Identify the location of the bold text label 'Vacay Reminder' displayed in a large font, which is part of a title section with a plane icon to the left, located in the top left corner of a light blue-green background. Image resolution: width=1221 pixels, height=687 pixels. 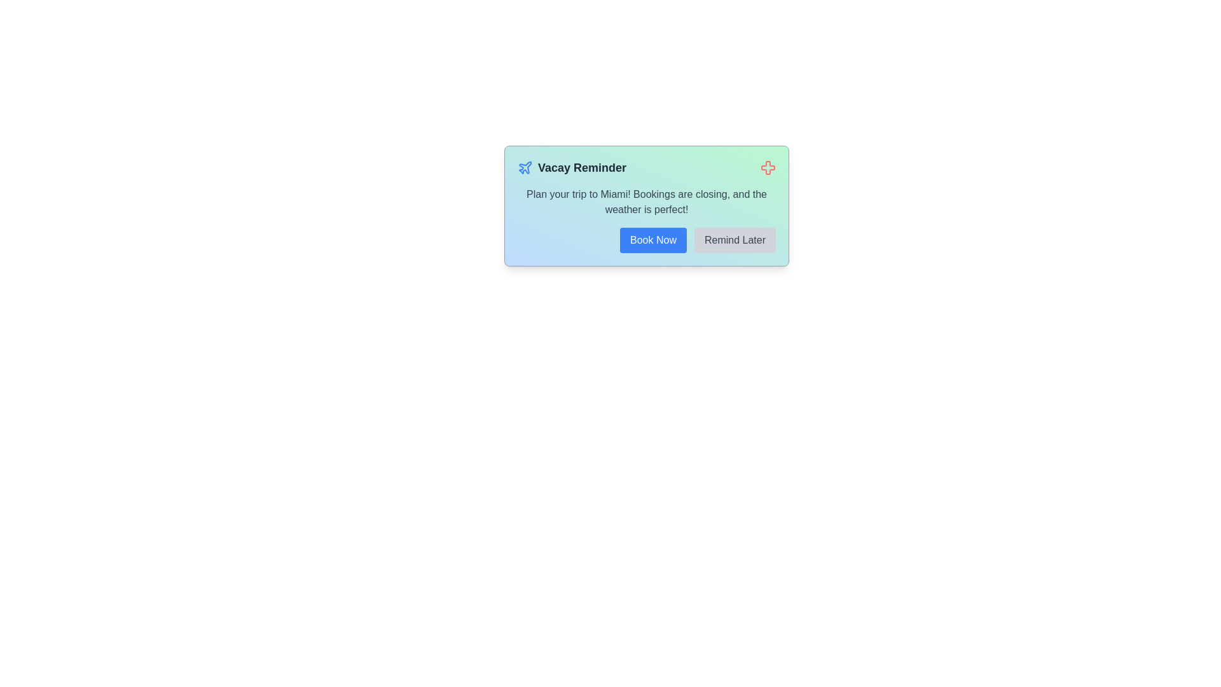
(581, 167).